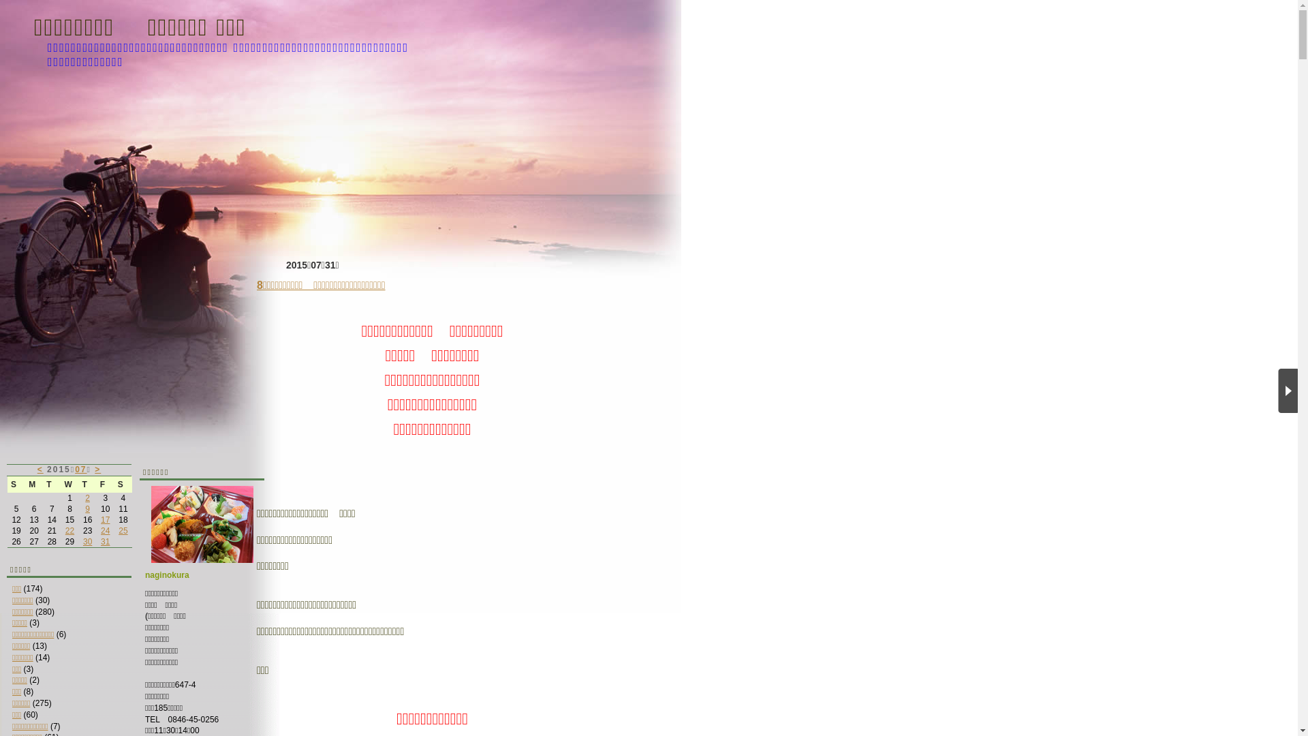 The width and height of the screenshot is (1308, 736). I want to click on '25', so click(123, 530).